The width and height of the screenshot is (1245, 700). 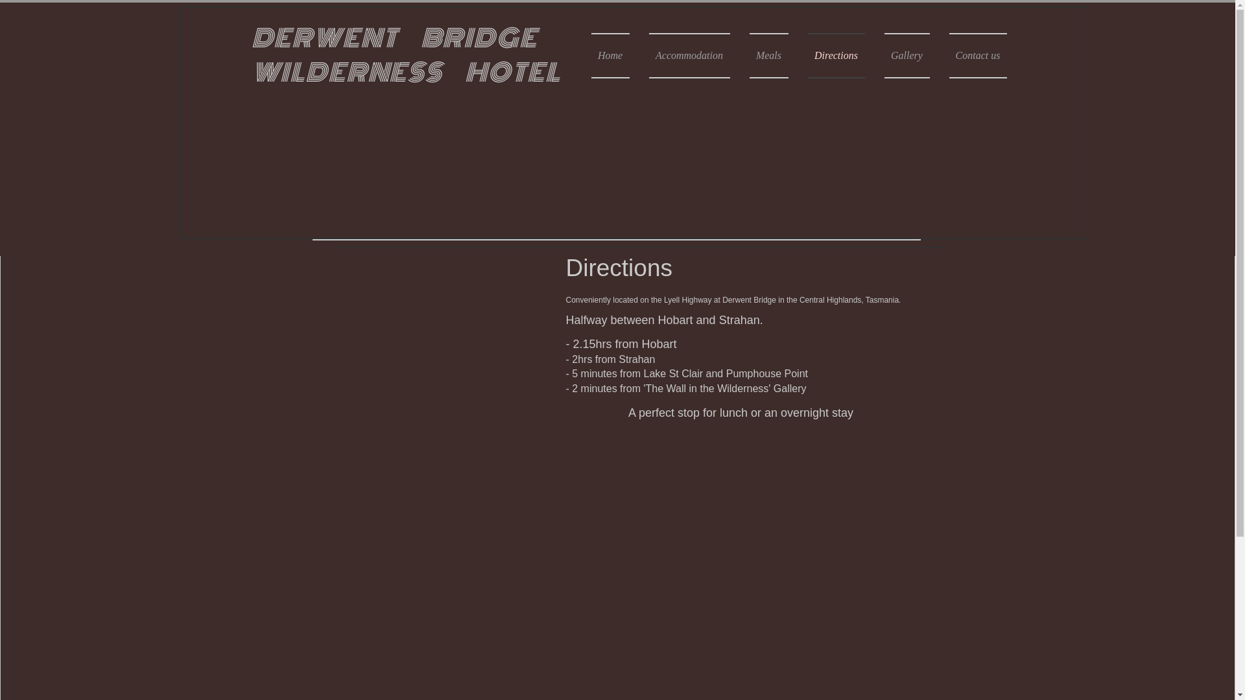 What do you see at coordinates (433, 367) in the screenshot?
I see `'Google Maps'` at bounding box center [433, 367].